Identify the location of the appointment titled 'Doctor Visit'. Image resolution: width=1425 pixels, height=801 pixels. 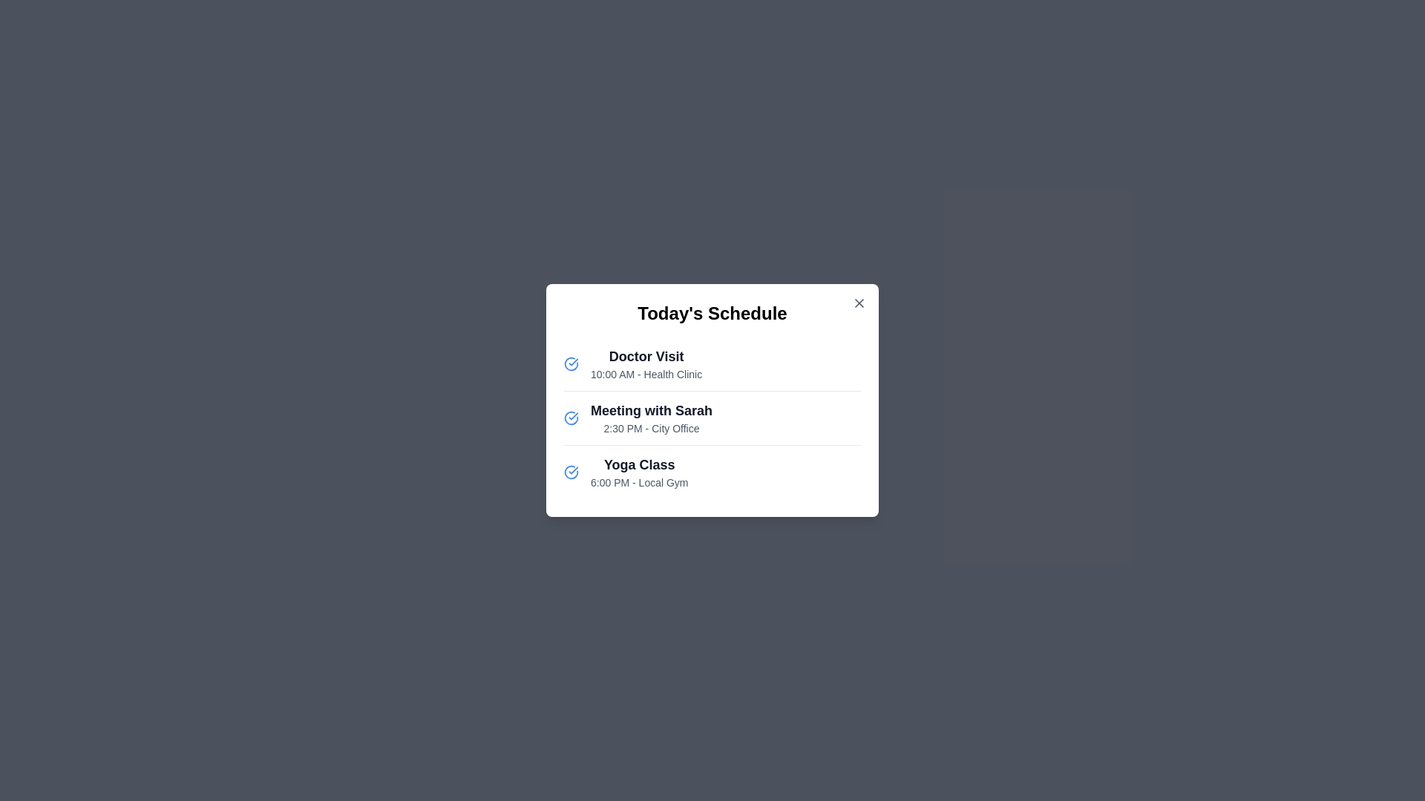
(646, 363).